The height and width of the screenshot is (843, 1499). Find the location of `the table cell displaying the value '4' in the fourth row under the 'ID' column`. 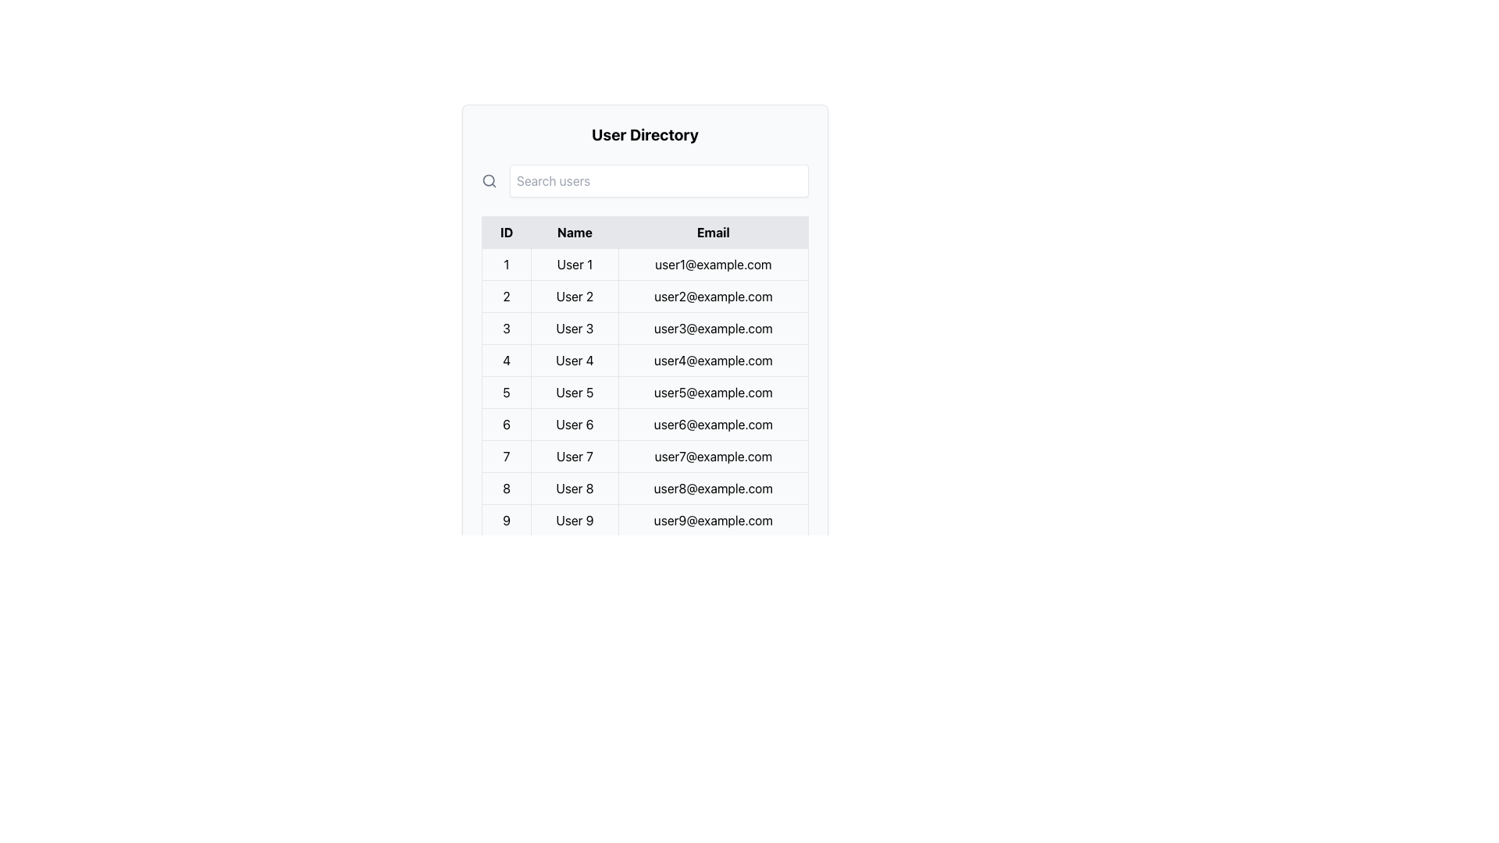

the table cell displaying the value '4' in the fourth row under the 'ID' column is located at coordinates (506, 361).